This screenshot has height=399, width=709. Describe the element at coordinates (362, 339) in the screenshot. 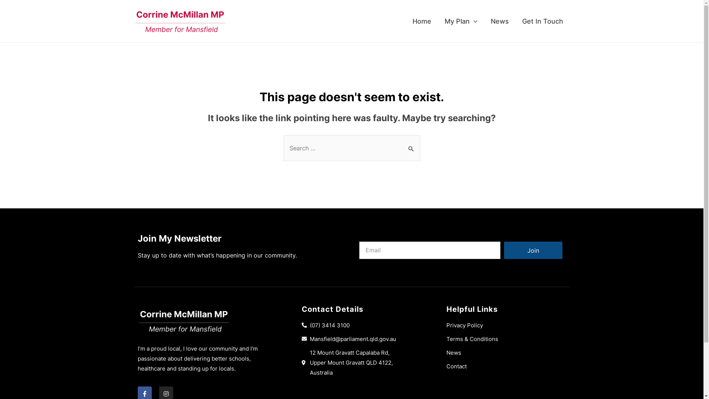

I see `'Mansfield@parliament.qld.gov.au'` at that location.